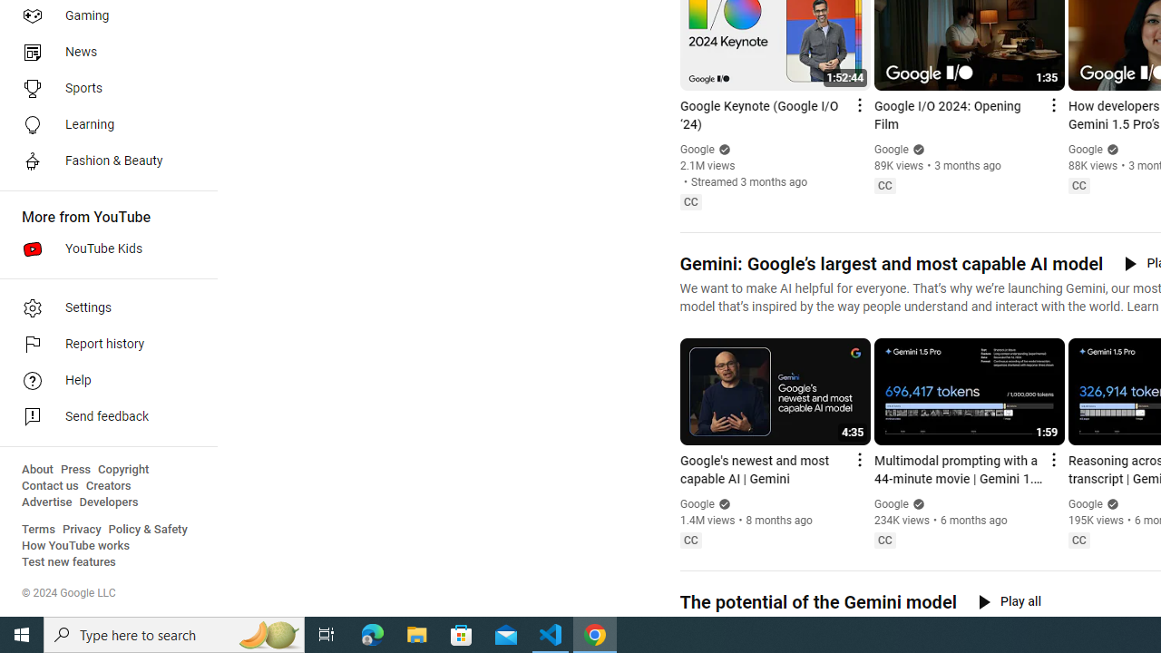 The height and width of the screenshot is (653, 1161). What do you see at coordinates (108, 502) in the screenshot?
I see `'Developers'` at bounding box center [108, 502].